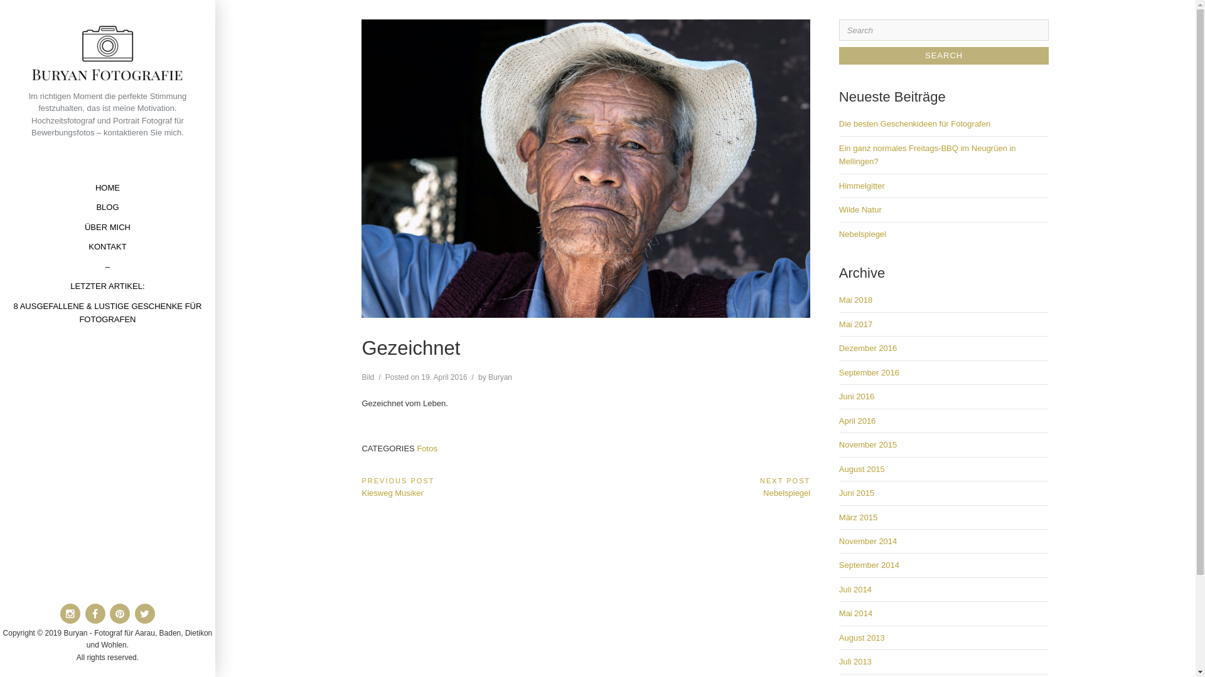 This screenshot has width=1205, height=677. What do you see at coordinates (861, 469) in the screenshot?
I see `'August 2015'` at bounding box center [861, 469].